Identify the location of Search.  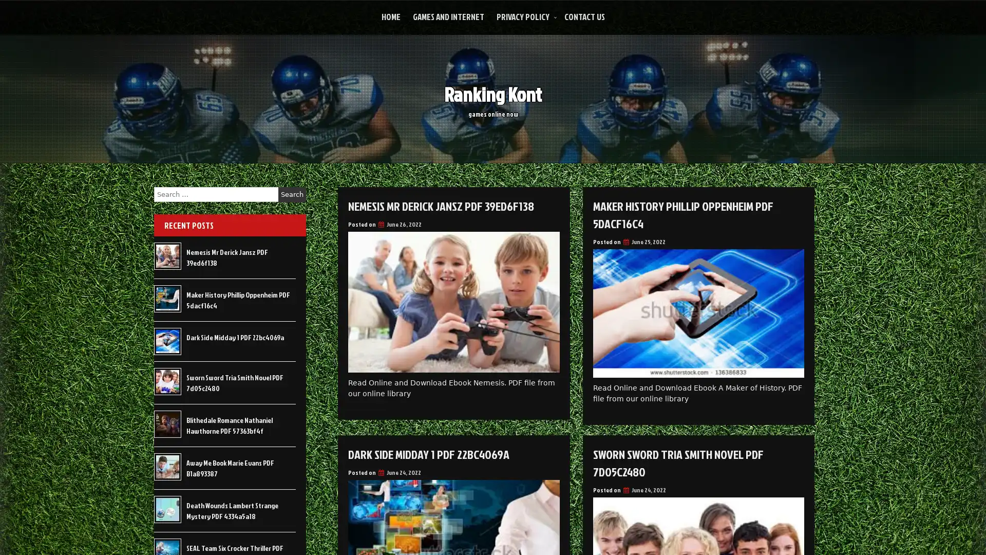
(292, 194).